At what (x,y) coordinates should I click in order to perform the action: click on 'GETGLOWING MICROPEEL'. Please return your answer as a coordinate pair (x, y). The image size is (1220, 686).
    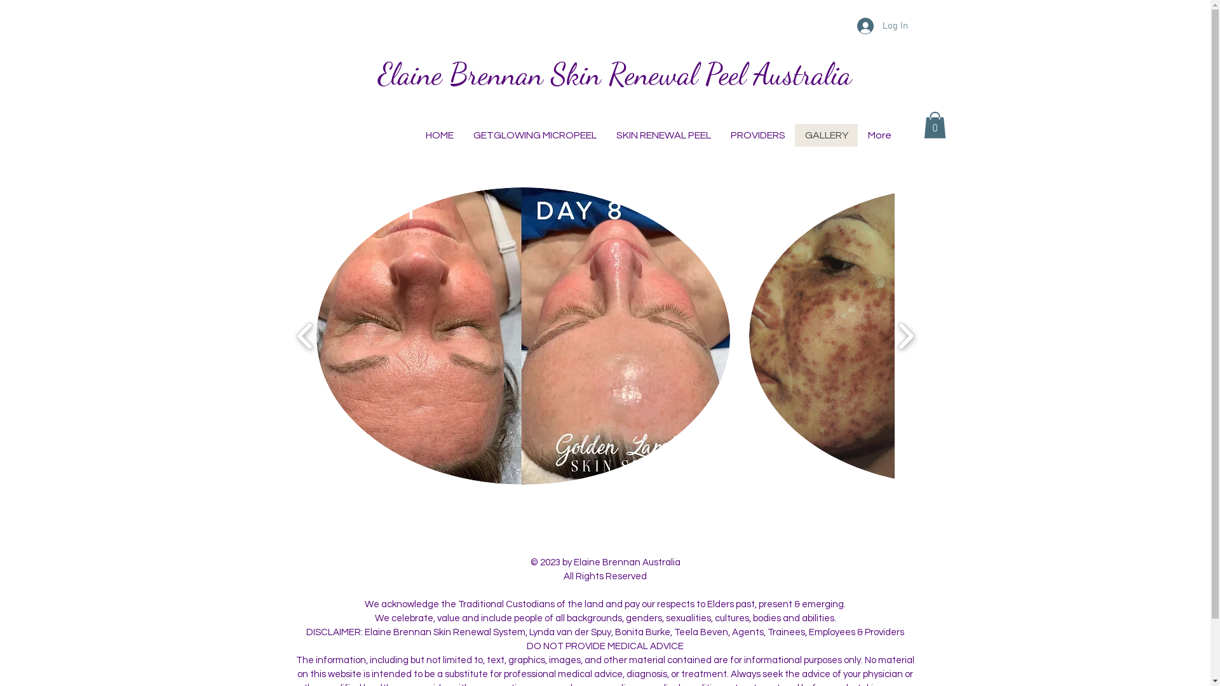
    Looking at the image, I should click on (462, 135).